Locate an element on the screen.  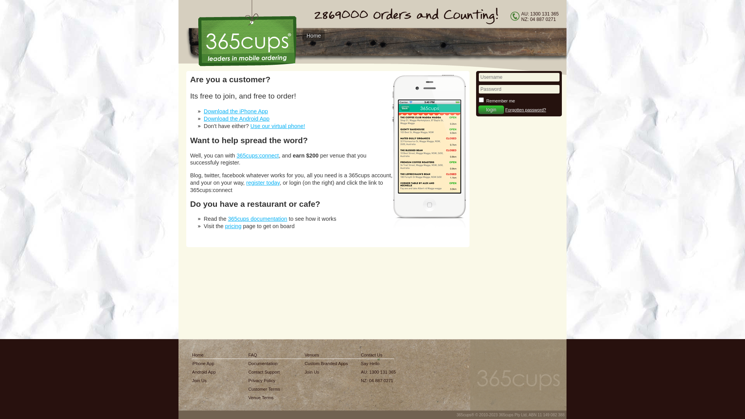
'Contact Us' is located at coordinates (378, 355).